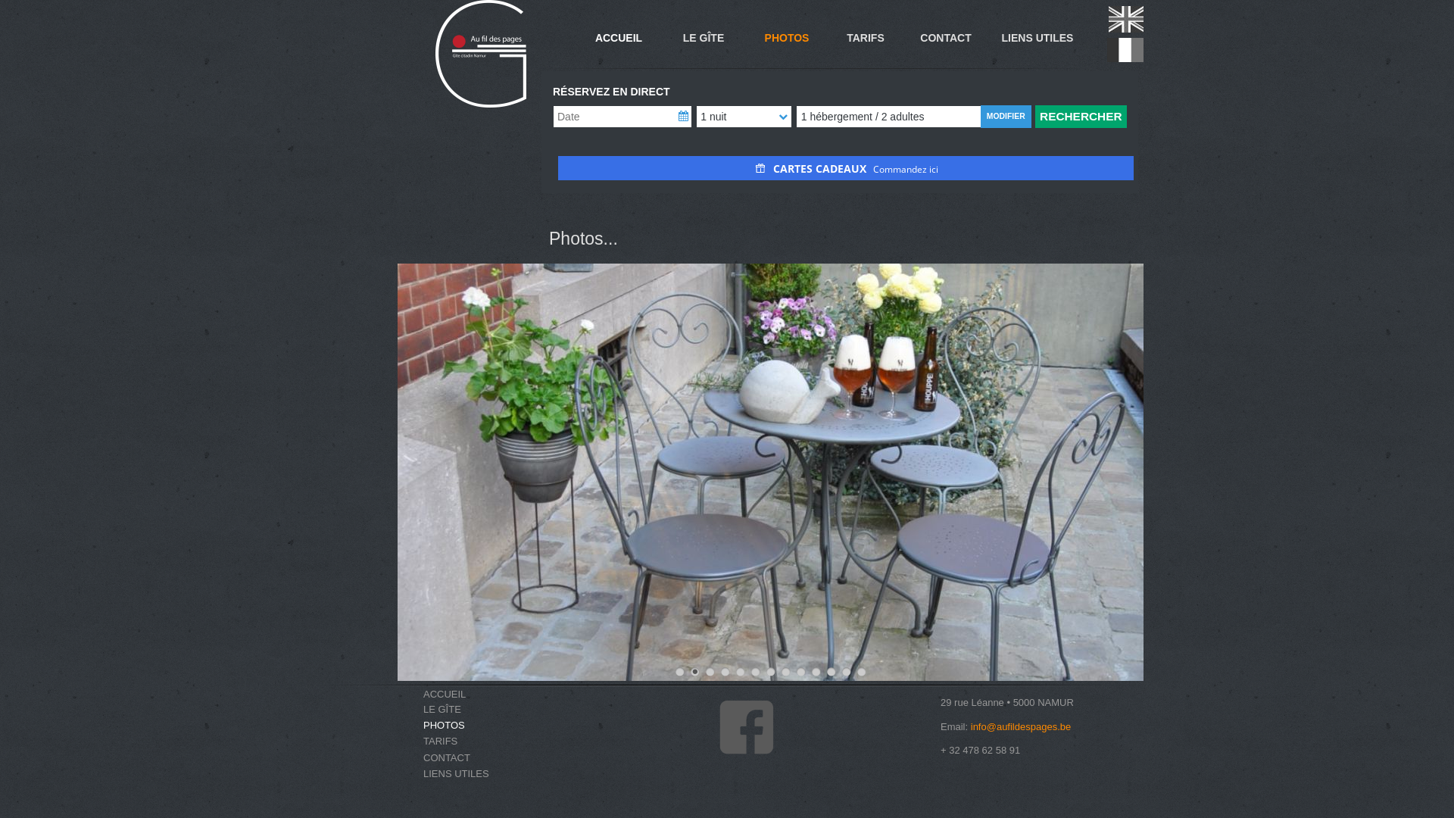  What do you see at coordinates (446, 757) in the screenshot?
I see `'CONTACT'` at bounding box center [446, 757].